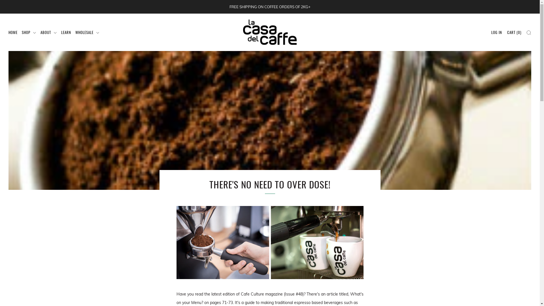 This screenshot has width=544, height=306. Describe the element at coordinates (40, 32) in the screenshot. I see `'ABOUT'` at that location.